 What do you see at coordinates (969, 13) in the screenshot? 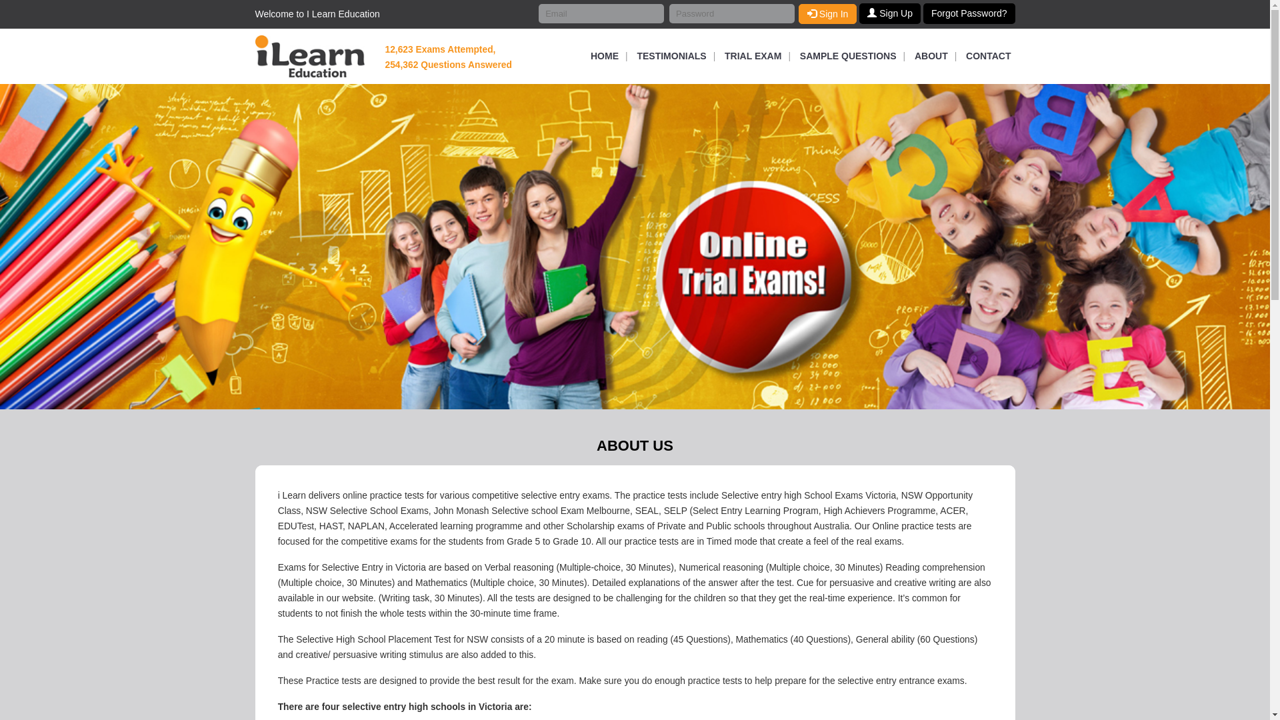
I see `'Forgot Password?'` at bounding box center [969, 13].